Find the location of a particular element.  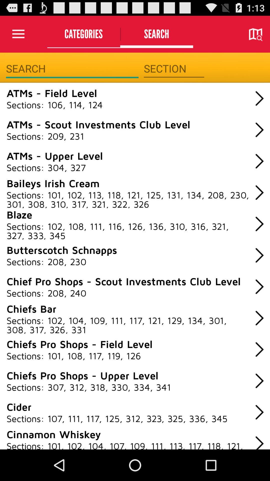

search term is located at coordinates (72, 68).